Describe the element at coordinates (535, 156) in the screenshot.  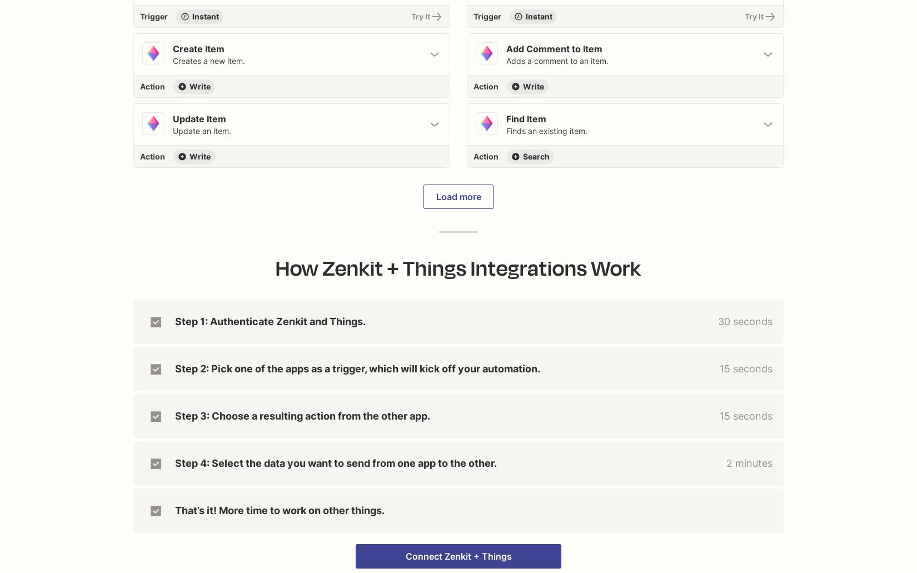
I see `'Search'` at that location.